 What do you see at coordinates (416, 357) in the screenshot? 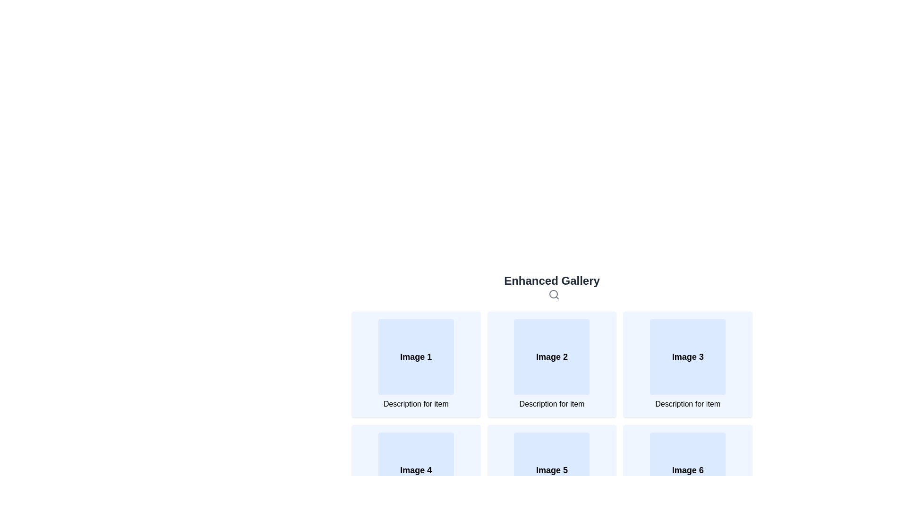
I see `the first item card in the gallery grid layout, located in the top-left corner, which serves as a visual placeholder for a specific image or category` at bounding box center [416, 357].